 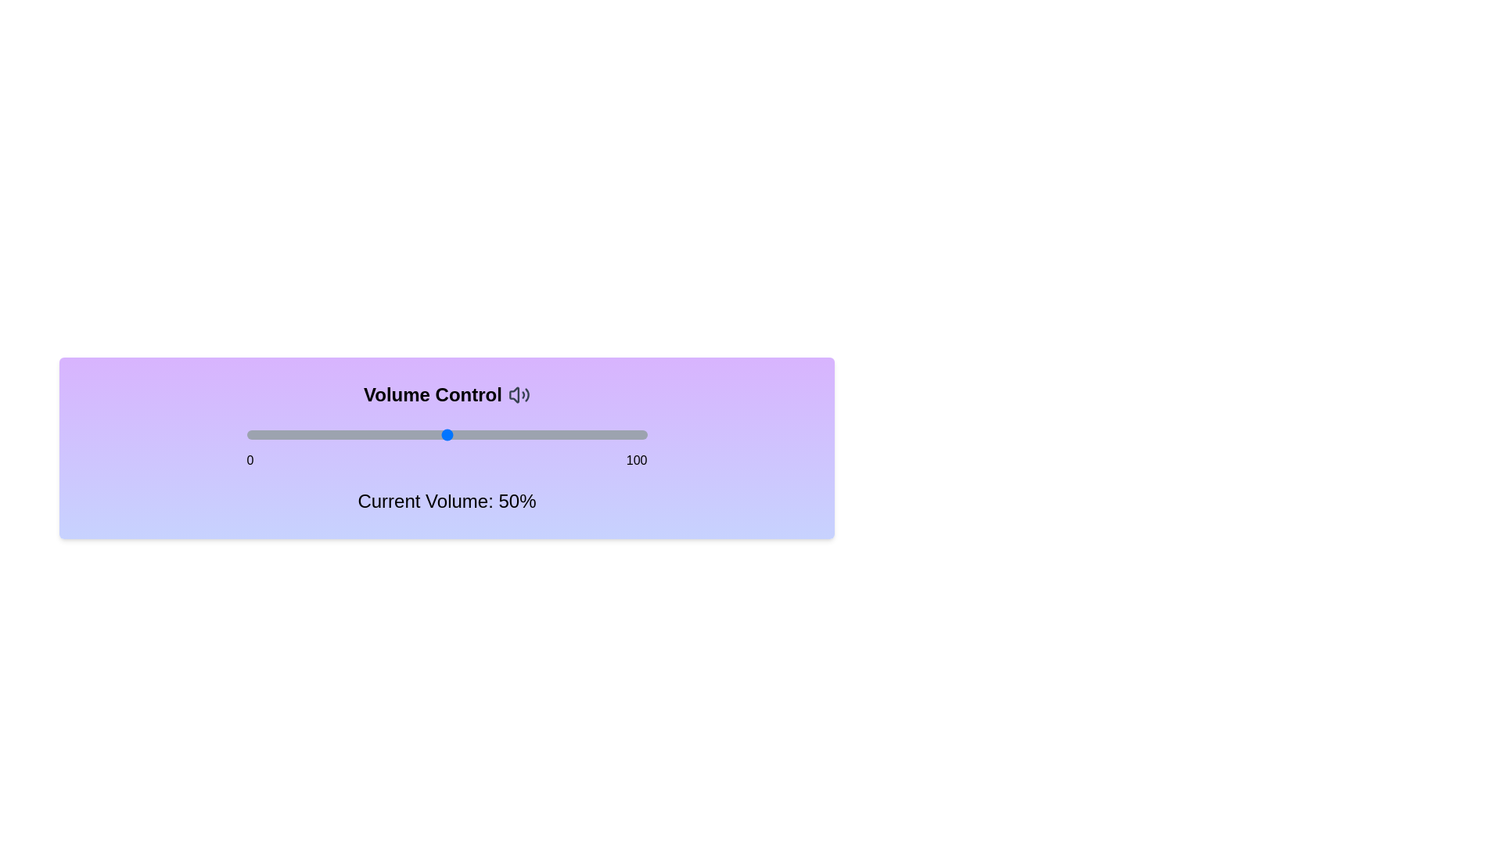 I want to click on the volume to 62% by dragging the slider, so click(x=494, y=434).